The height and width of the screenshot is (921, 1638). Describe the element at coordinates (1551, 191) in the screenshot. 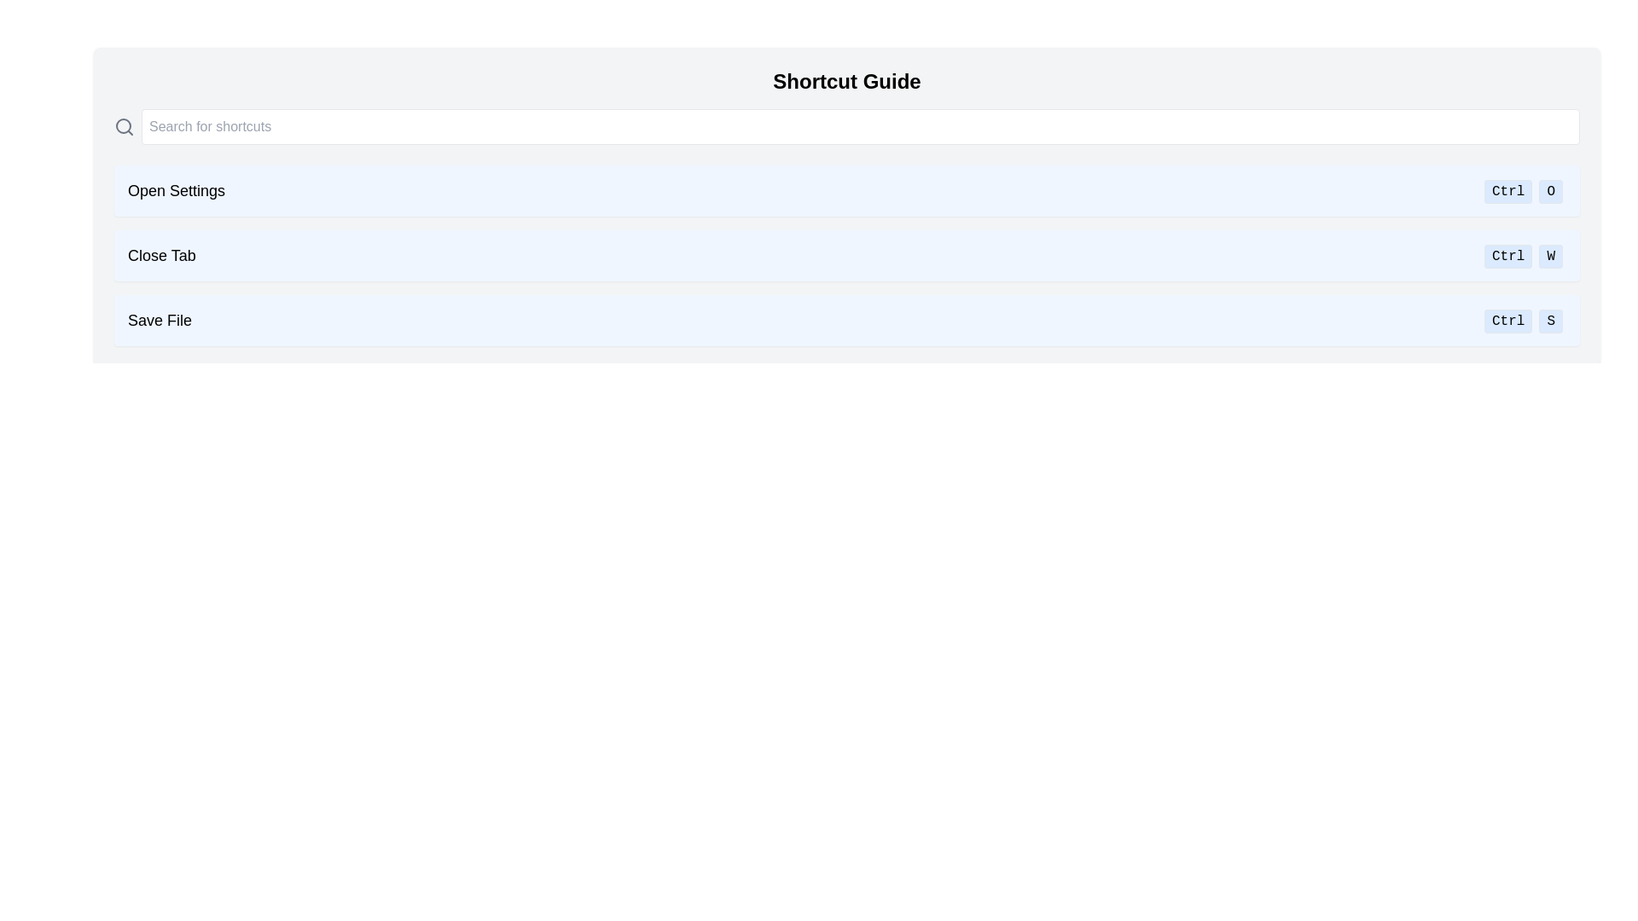

I see `the small rectangular button-like component with the text 'O' centered within it, which has a light blue background and is located on the right side of the 'Ctrl' button in the 'Open Settings' section of keyboard shortcuts` at that location.